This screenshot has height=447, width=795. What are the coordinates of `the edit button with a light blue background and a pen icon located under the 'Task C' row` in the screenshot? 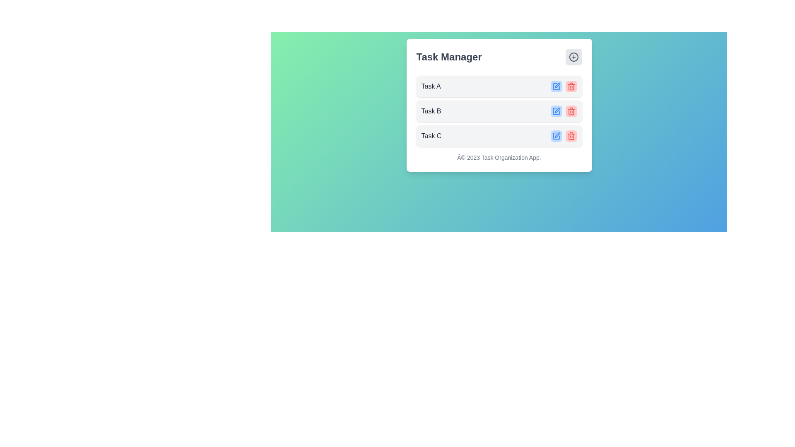 It's located at (556, 135).